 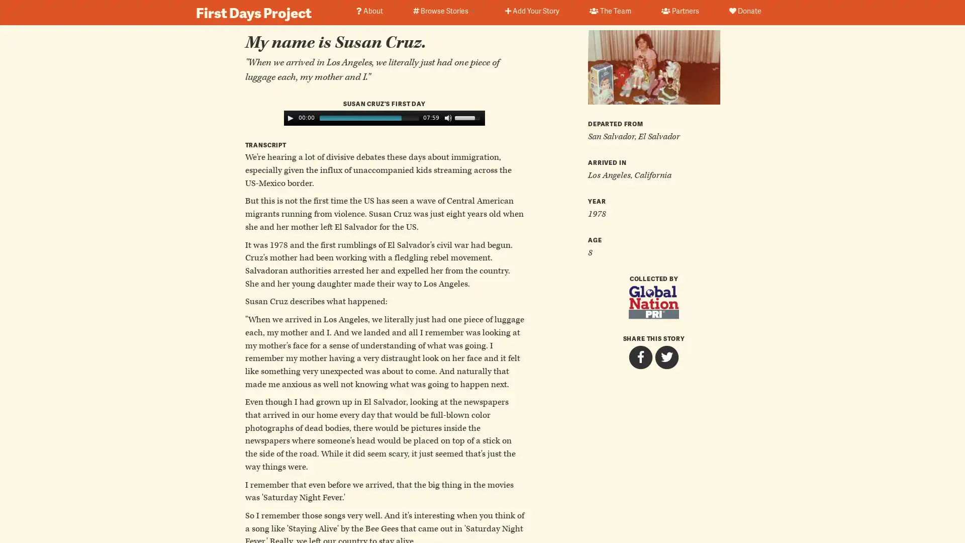 What do you see at coordinates (448, 117) in the screenshot?
I see `Mute Toggle` at bounding box center [448, 117].